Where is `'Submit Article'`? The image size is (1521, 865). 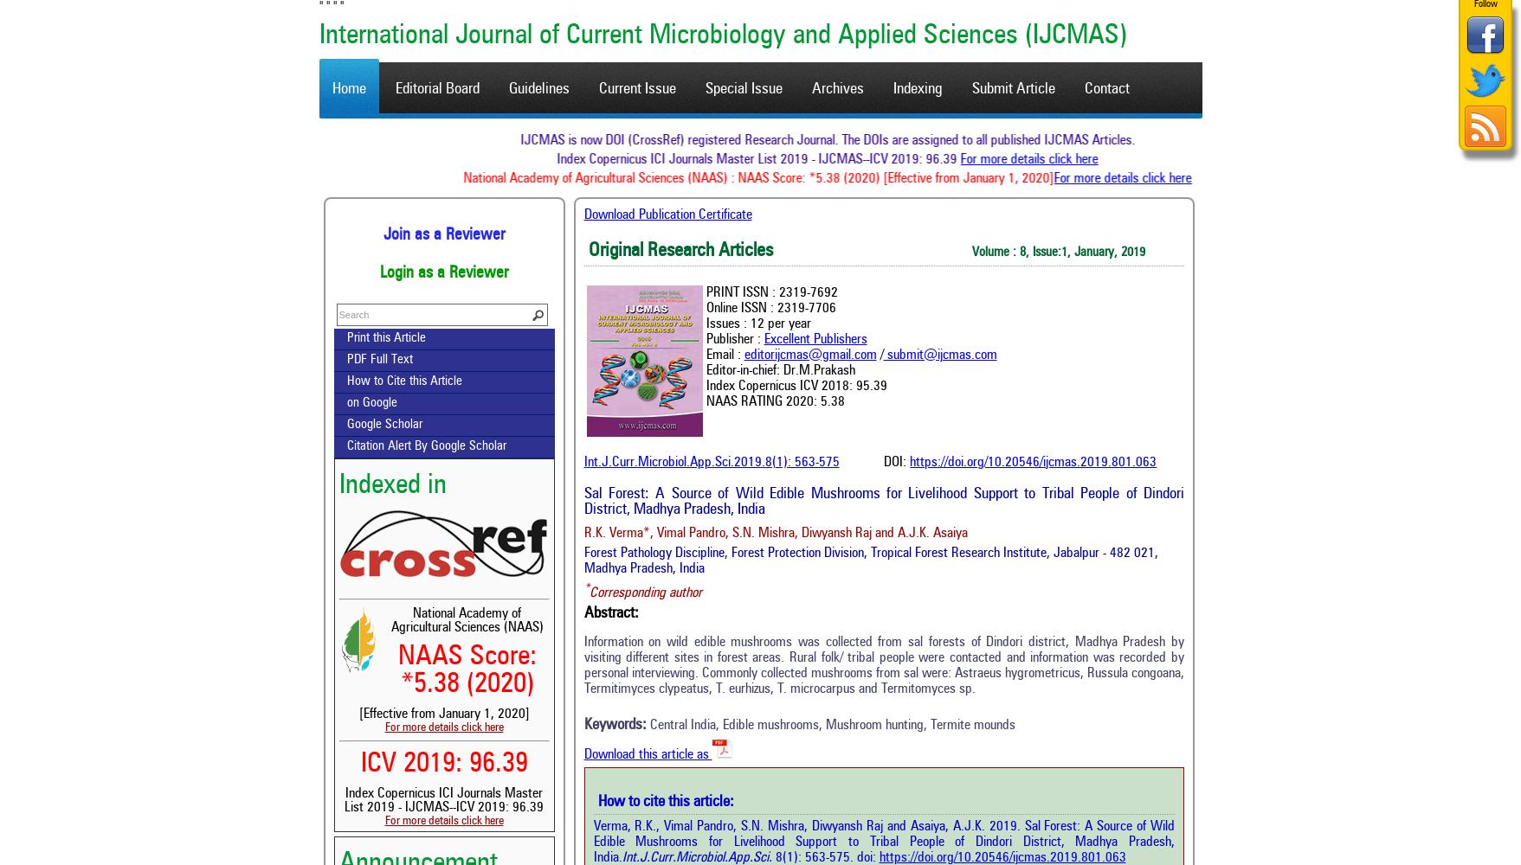 'Submit Article' is located at coordinates (1011, 88).